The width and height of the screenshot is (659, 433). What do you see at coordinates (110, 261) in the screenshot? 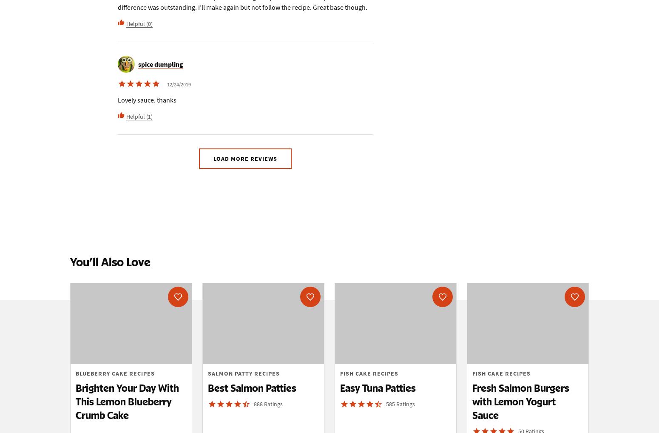
I see `'You’ll Also Love'` at bounding box center [110, 261].